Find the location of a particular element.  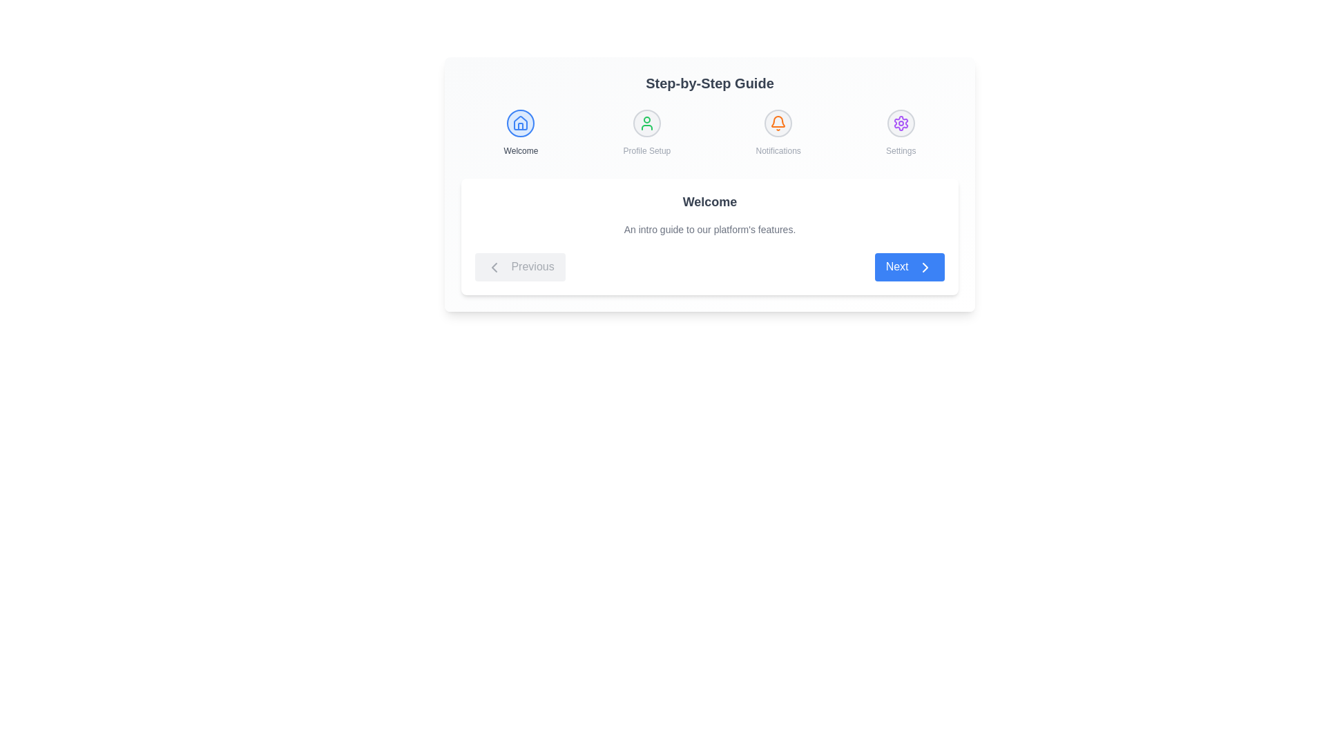

the leftmost navigation button located at the bottom-center of the interface for visual feedback is located at coordinates (519, 267).